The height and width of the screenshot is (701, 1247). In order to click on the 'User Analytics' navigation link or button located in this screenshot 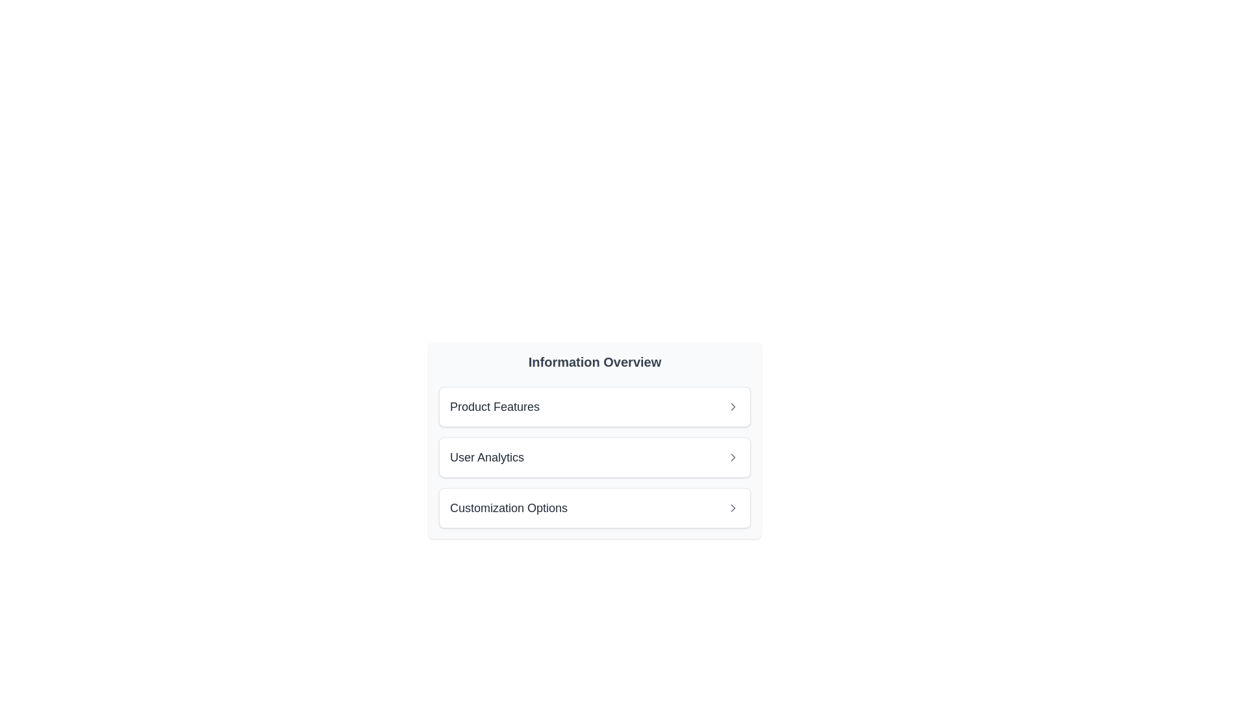, I will do `click(594, 457)`.